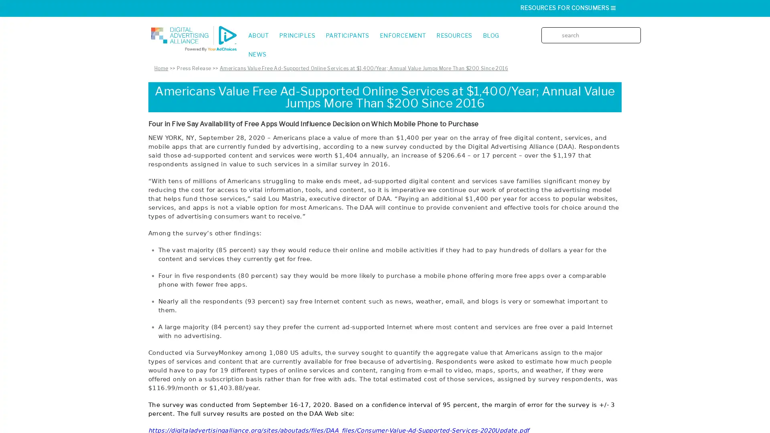  What do you see at coordinates (568, 8) in the screenshot?
I see `RESOURCES FOR CONSUMERS` at bounding box center [568, 8].